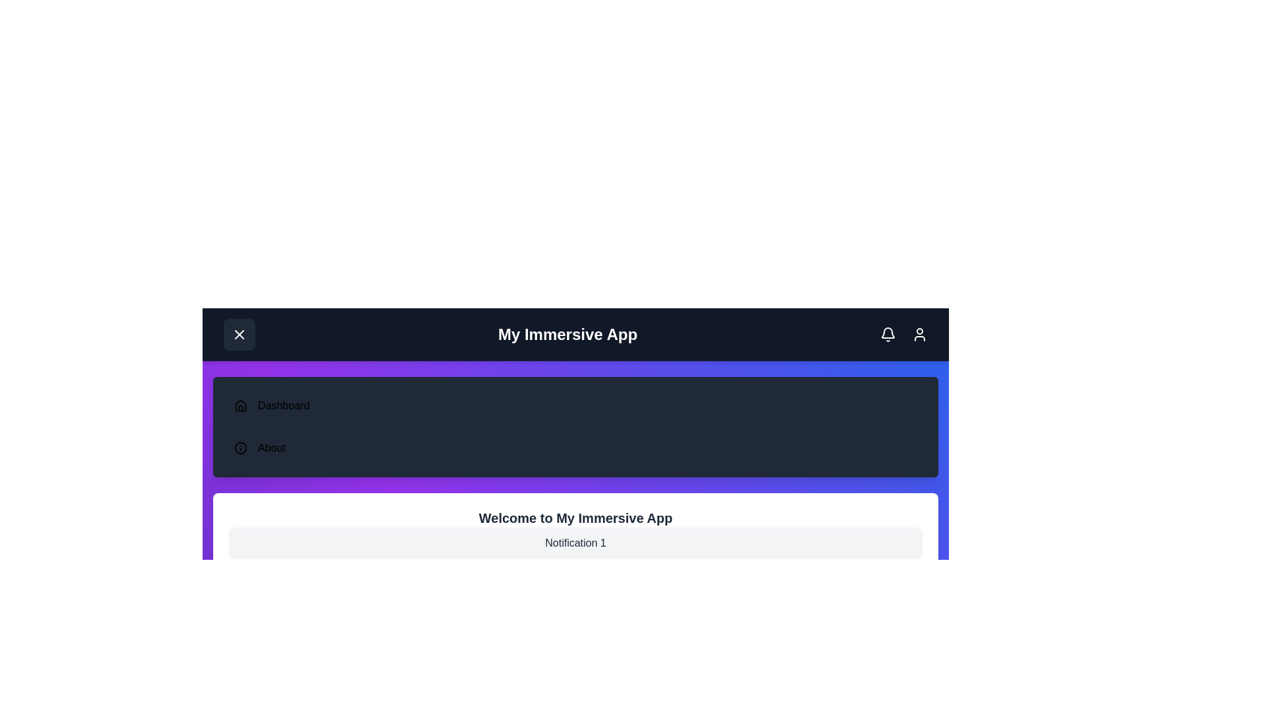 The image size is (1267, 713). Describe the element at coordinates (283, 405) in the screenshot. I see `the 'Dashboard' menu item to navigate to the 'Dashboard' section` at that location.